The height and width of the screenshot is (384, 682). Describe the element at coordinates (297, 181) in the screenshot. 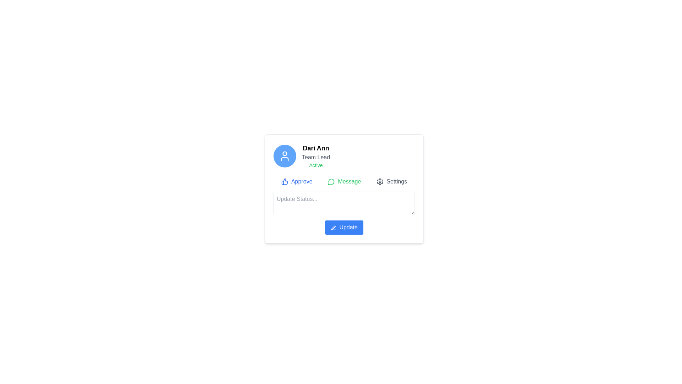

I see `the leftmost approval button` at that location.